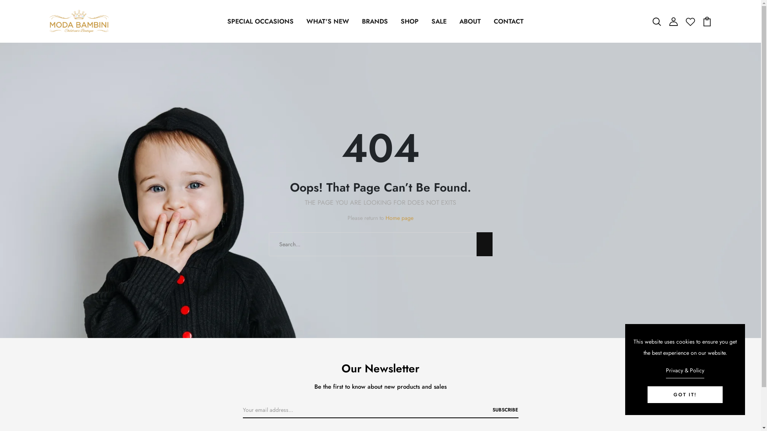  Describe the element at coordinates (648, 394) in the screenshot. I see `'GOT IT!'` at that location.